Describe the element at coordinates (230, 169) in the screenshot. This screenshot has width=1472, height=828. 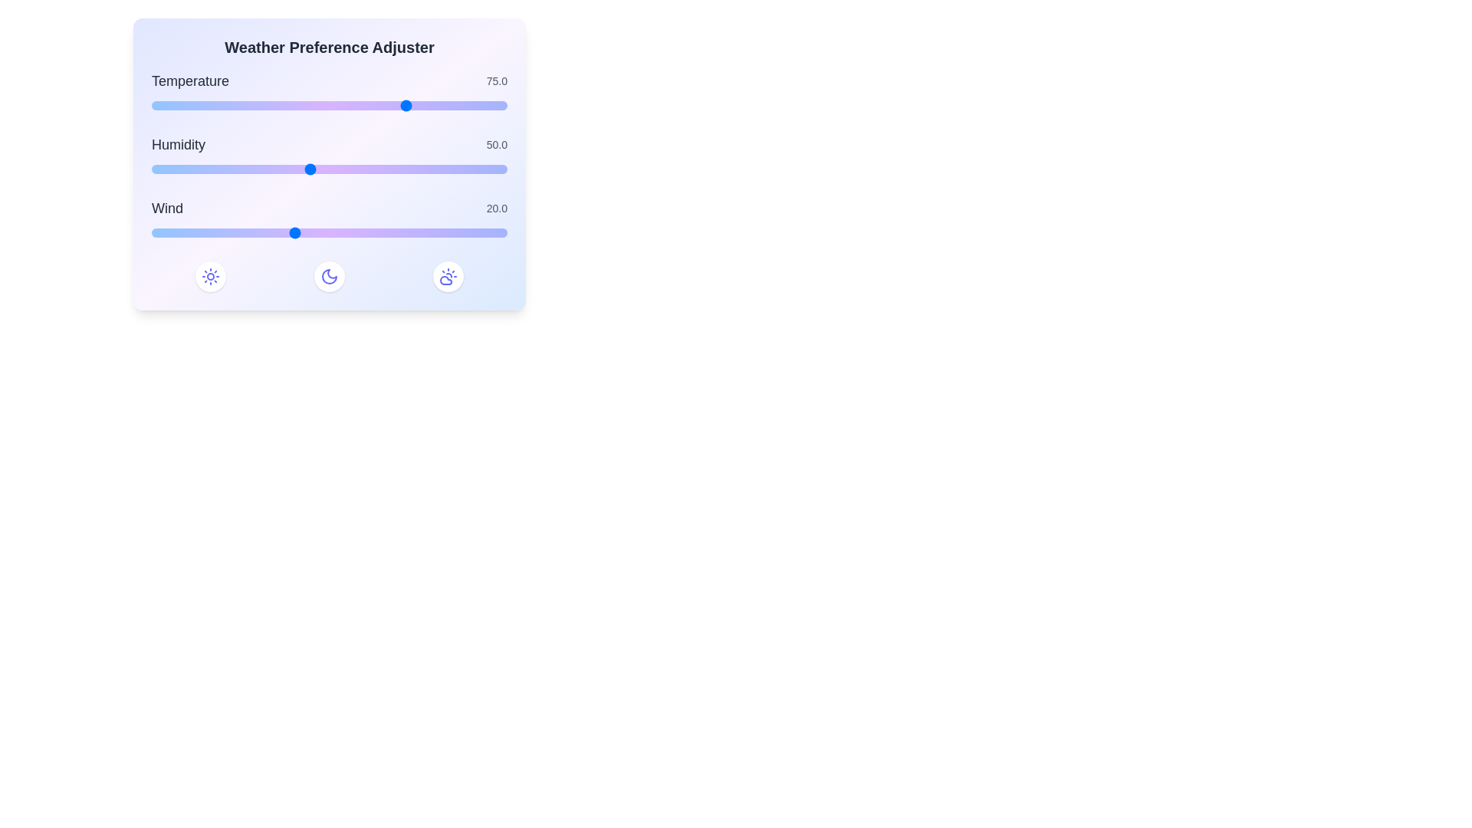
I see `the humidity value` at that location.